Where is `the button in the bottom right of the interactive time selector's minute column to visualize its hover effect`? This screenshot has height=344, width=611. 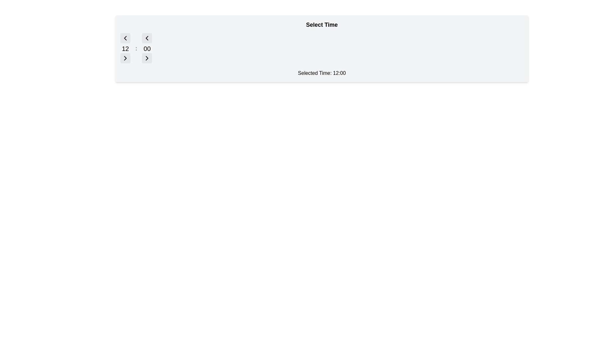
the button in the bottom right of the interactive time selector's minute column to visualize its hover effect is located at coordinates (147, 58).